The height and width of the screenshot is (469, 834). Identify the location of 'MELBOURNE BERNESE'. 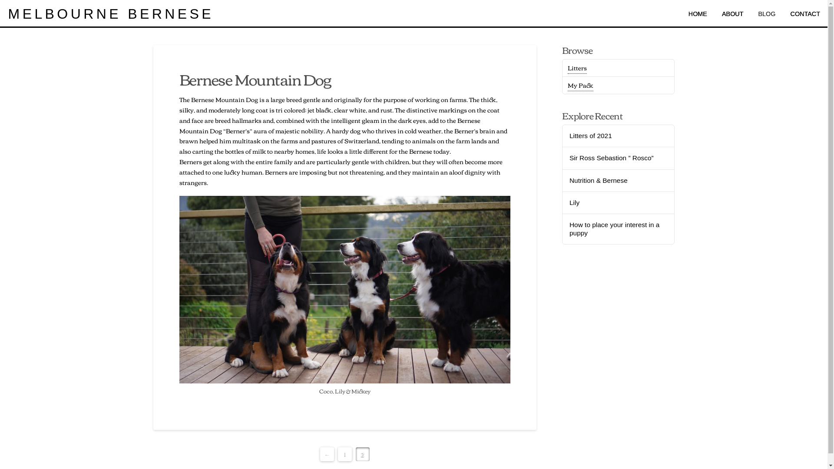
(109, 13).